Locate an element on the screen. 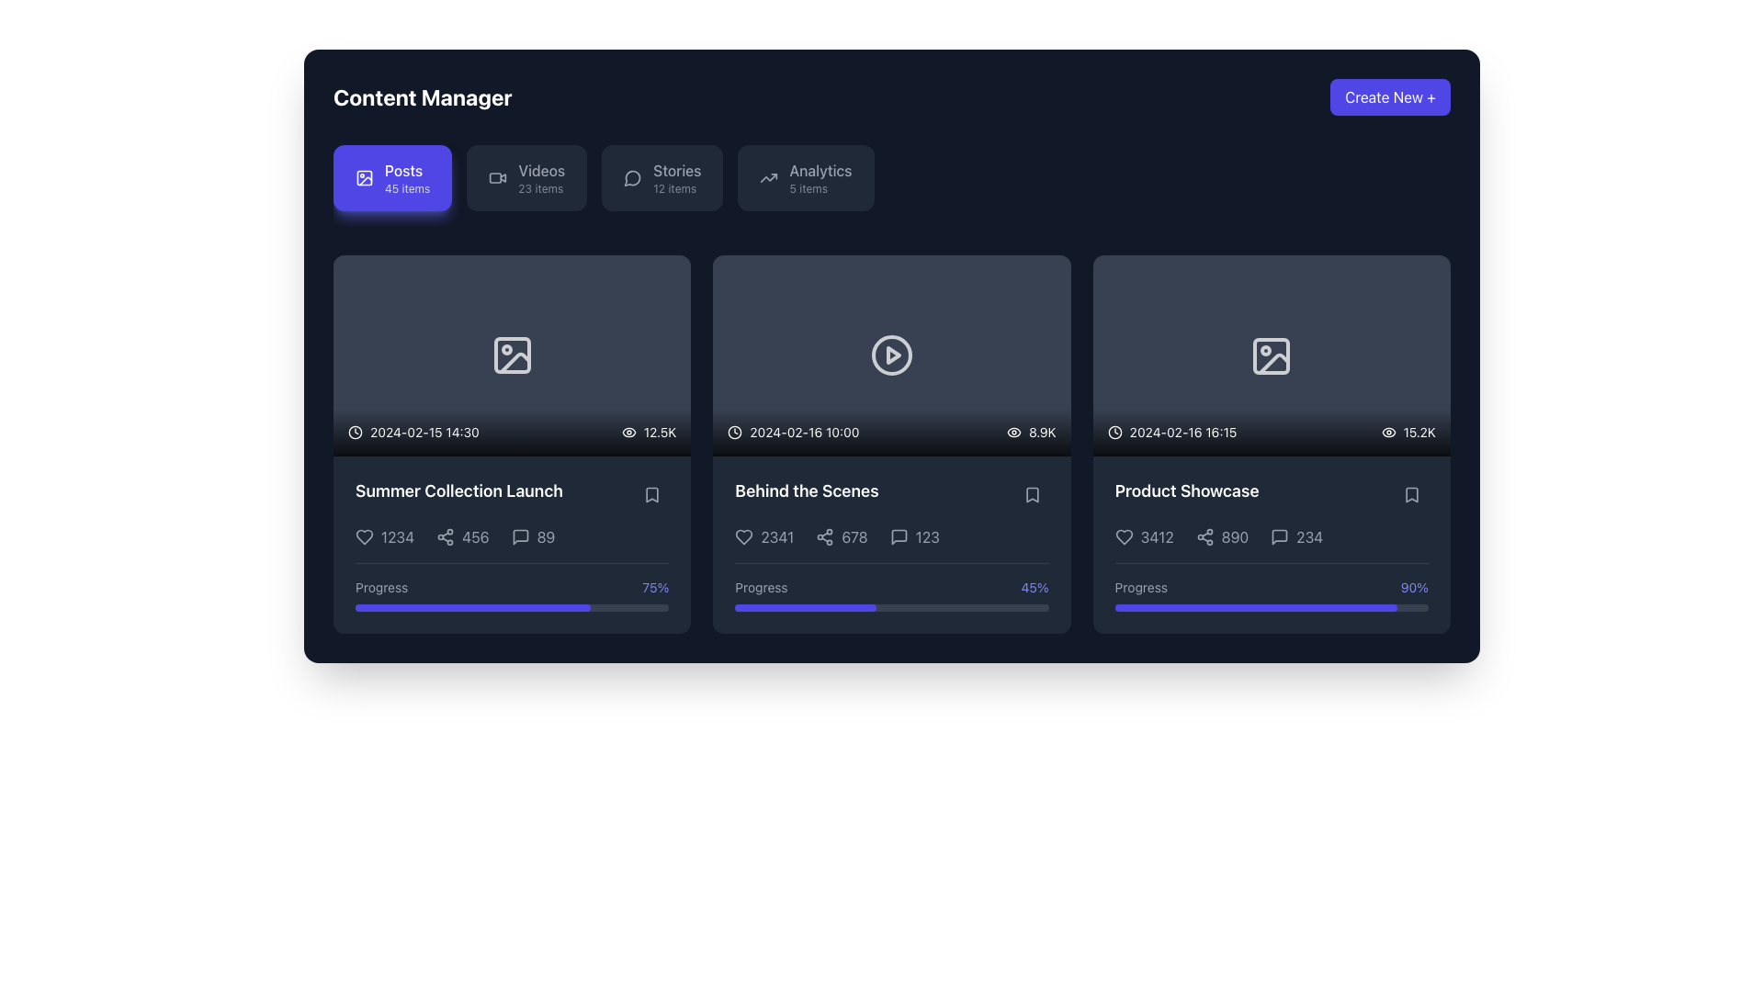 The height and width of the screenshot is (992, 1764). the 'Posts' title text label is located at coordinates (402, 170).